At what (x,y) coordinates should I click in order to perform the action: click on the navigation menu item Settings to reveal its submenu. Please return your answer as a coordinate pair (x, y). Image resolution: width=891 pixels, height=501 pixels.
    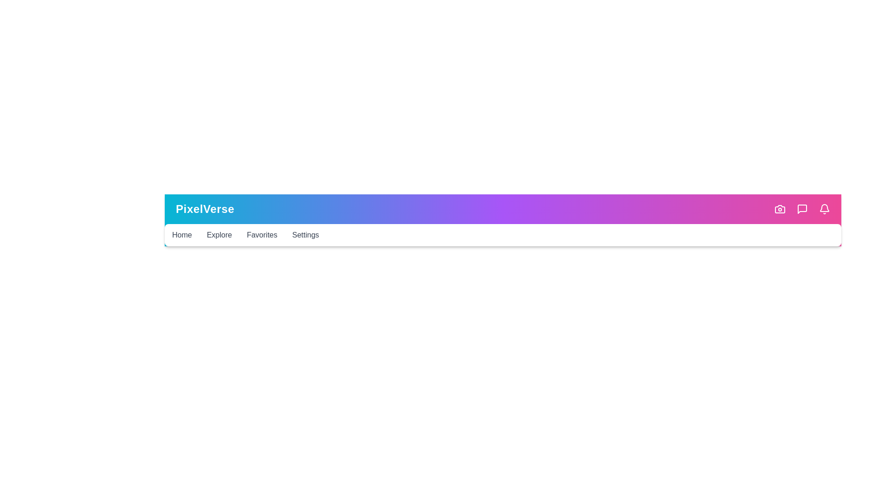
    Looking at the image, I should click on (305, 234).